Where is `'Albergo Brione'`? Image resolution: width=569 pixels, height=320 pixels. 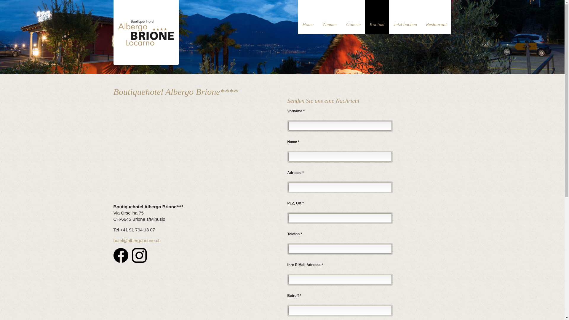 'Albergo Brione' is located at coordinates (146, 31).